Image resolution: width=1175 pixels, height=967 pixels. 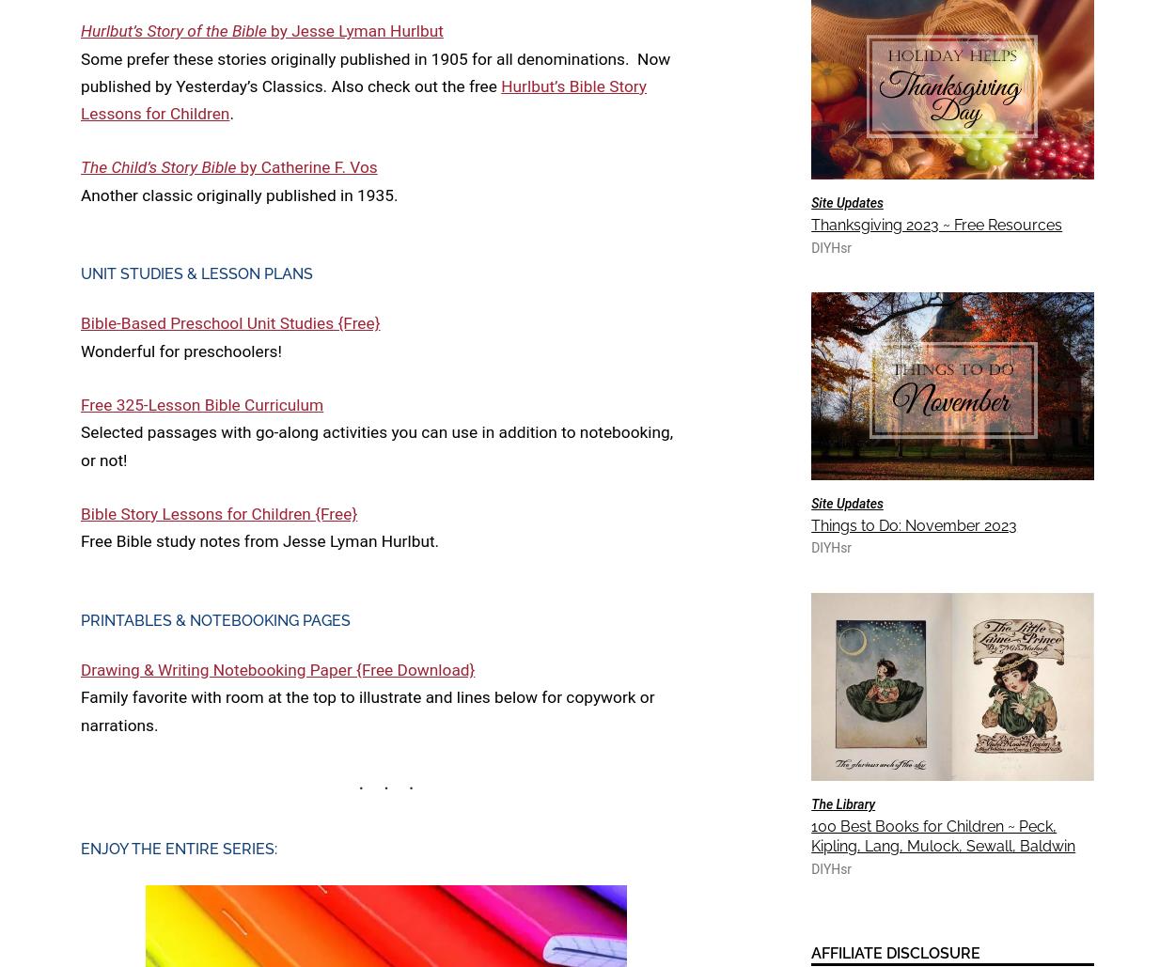 What do you see at coordinates (218, 511) in the screenshot?
I see `'Bible Story Lessons for Children {Free}'` at bounding box center [218, 511].